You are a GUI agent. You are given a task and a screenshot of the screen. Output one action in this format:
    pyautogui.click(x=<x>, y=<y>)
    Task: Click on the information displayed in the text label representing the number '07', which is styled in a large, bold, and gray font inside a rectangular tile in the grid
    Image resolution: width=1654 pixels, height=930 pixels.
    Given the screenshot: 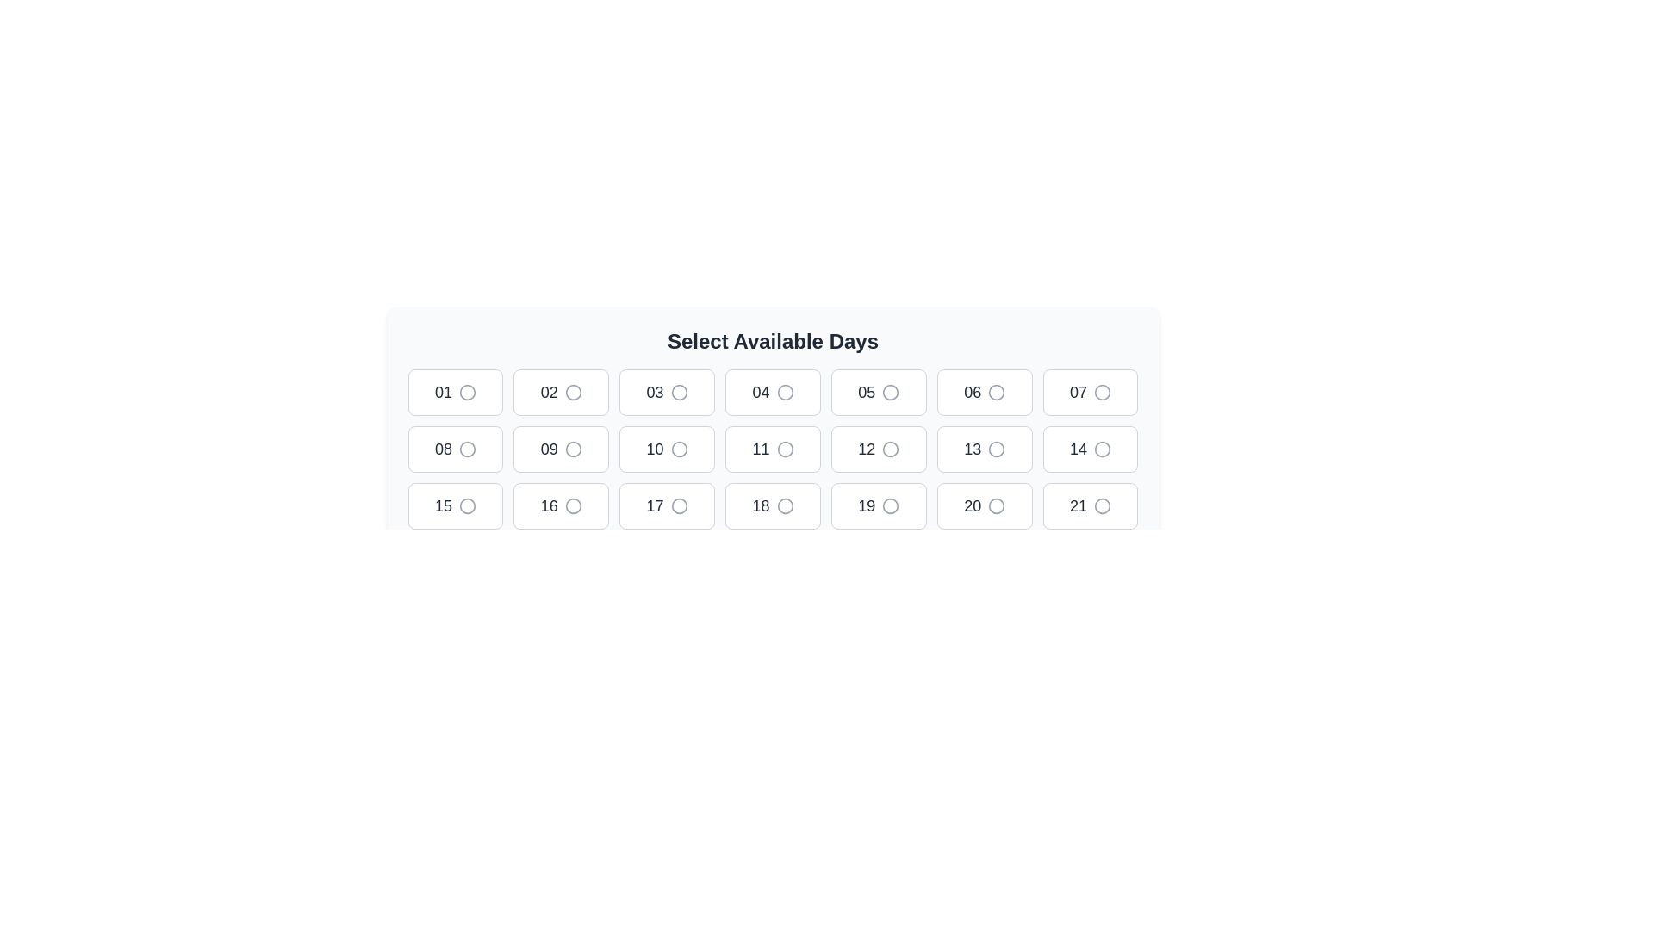 What is the action you would take?
    pyautogui.click(x=1078, y=392)
    